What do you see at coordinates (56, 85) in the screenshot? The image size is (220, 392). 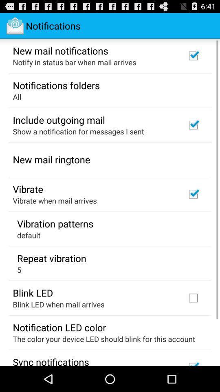 I see `app below the notify in status icon` at bounding box center [56, 85].